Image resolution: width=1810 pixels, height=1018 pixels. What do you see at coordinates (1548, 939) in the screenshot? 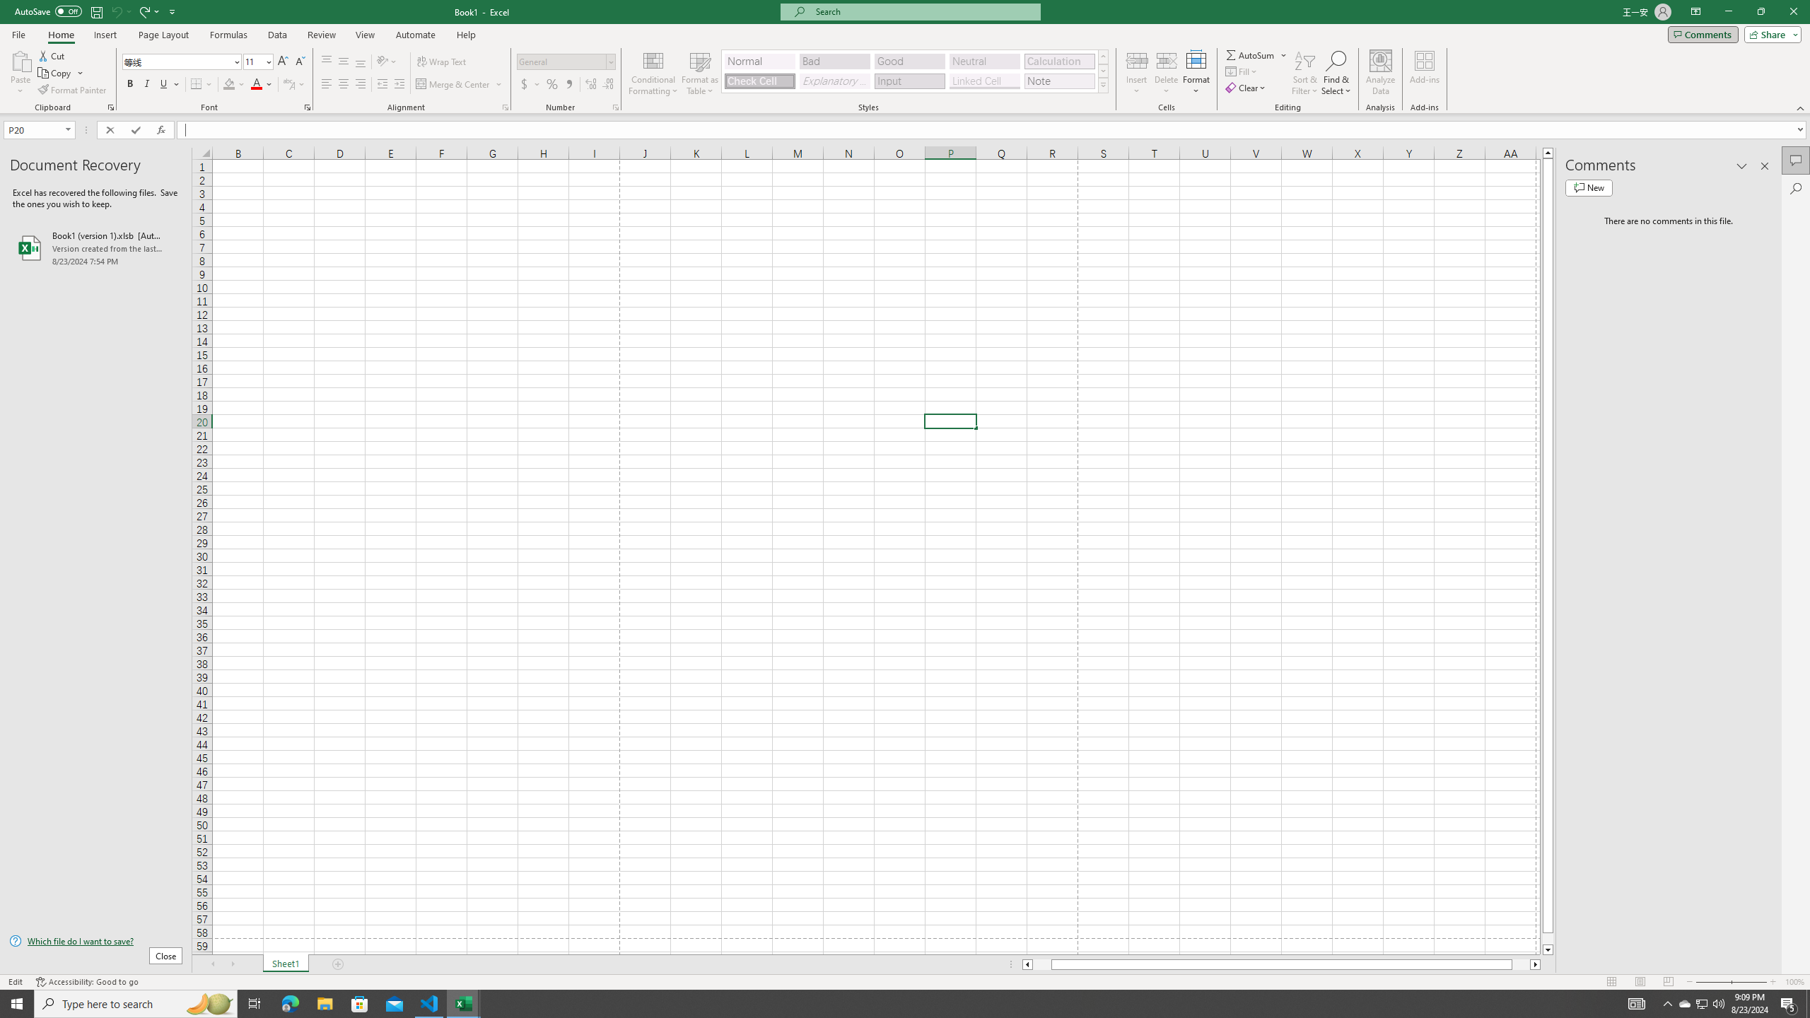
I see `'Page down'` at bounding box center [1548, 939].